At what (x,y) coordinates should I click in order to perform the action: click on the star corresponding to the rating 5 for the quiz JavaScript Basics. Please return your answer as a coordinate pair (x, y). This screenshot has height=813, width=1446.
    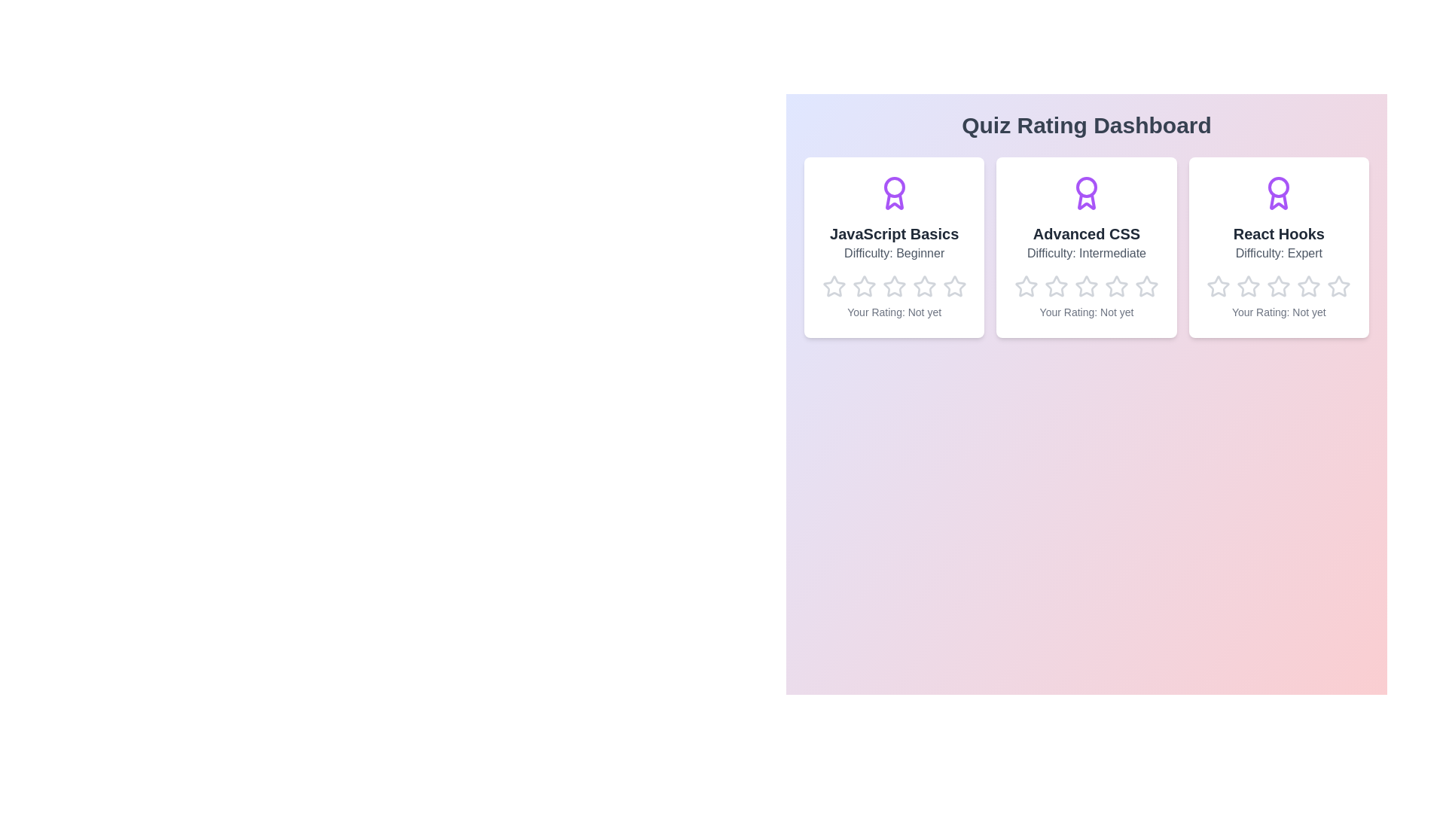
    Looking at the image, I should click on (941, 275).